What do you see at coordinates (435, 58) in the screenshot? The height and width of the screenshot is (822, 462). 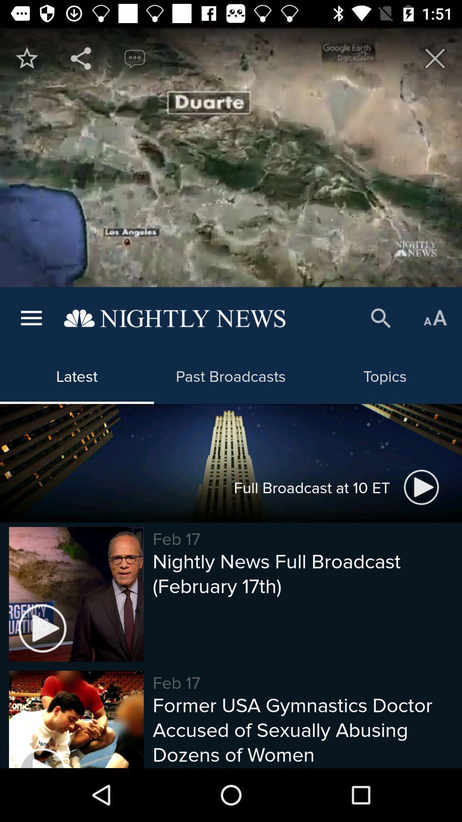 I see `the close icon` at bounding box center [435, 58].